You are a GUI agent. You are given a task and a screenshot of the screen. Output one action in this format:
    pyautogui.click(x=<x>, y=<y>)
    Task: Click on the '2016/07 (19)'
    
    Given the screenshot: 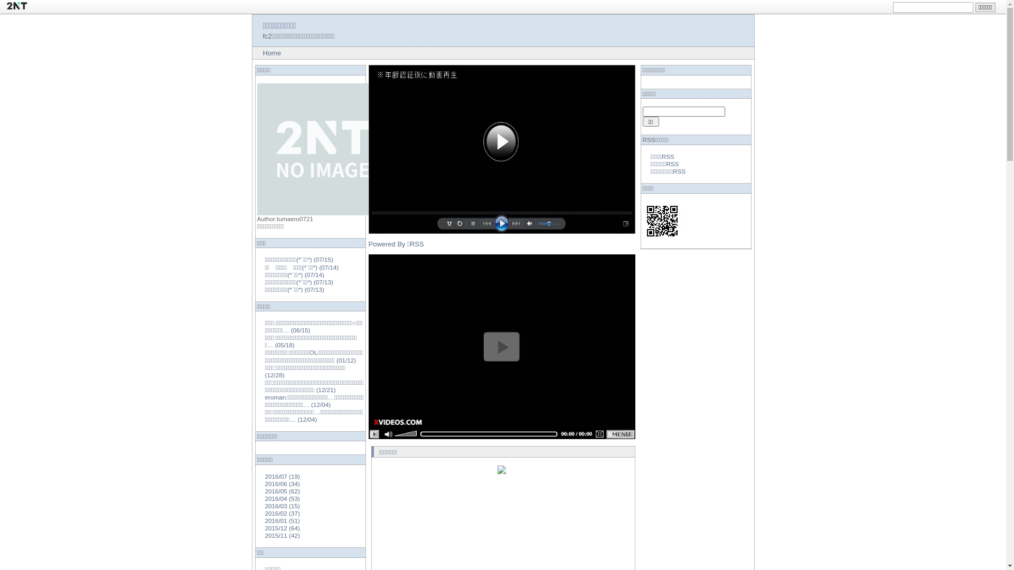 What is the action you would take?
    pyautogui.click(x=282, y=476)
    